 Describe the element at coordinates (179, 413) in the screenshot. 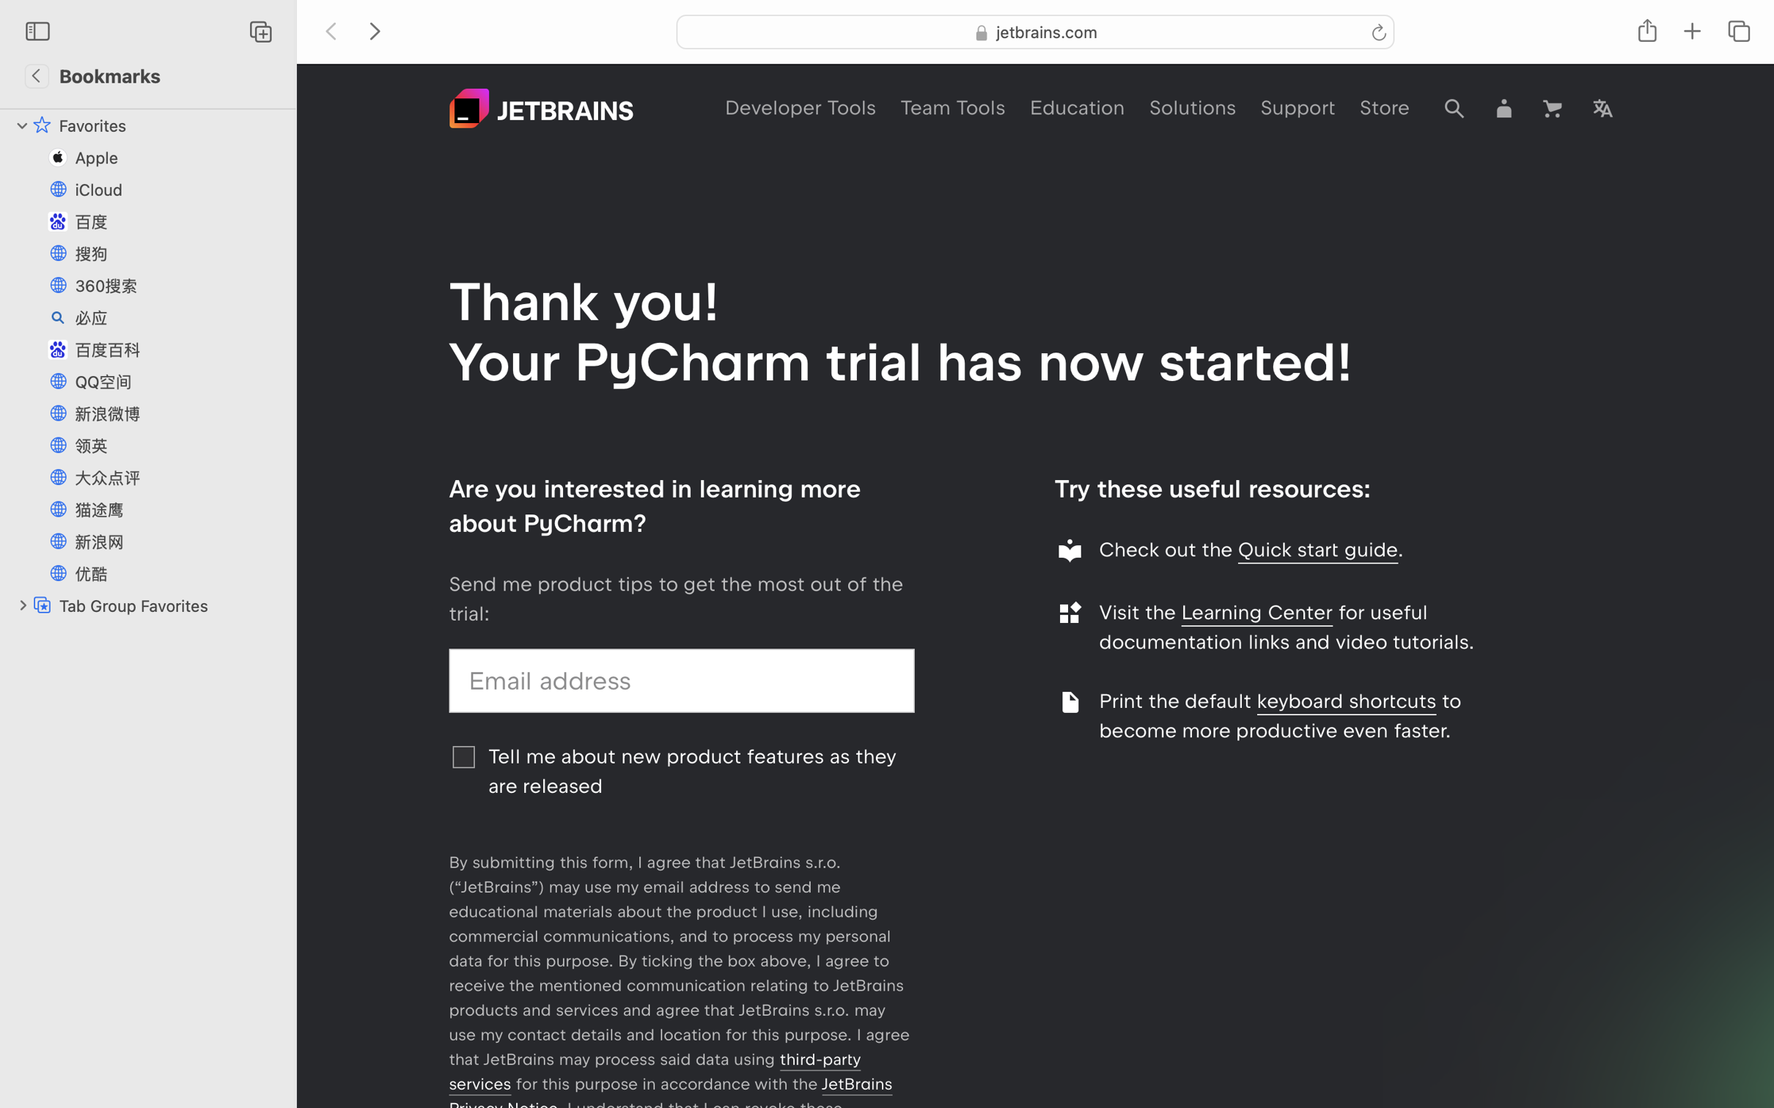

I see `'新浪微博'` at that location.